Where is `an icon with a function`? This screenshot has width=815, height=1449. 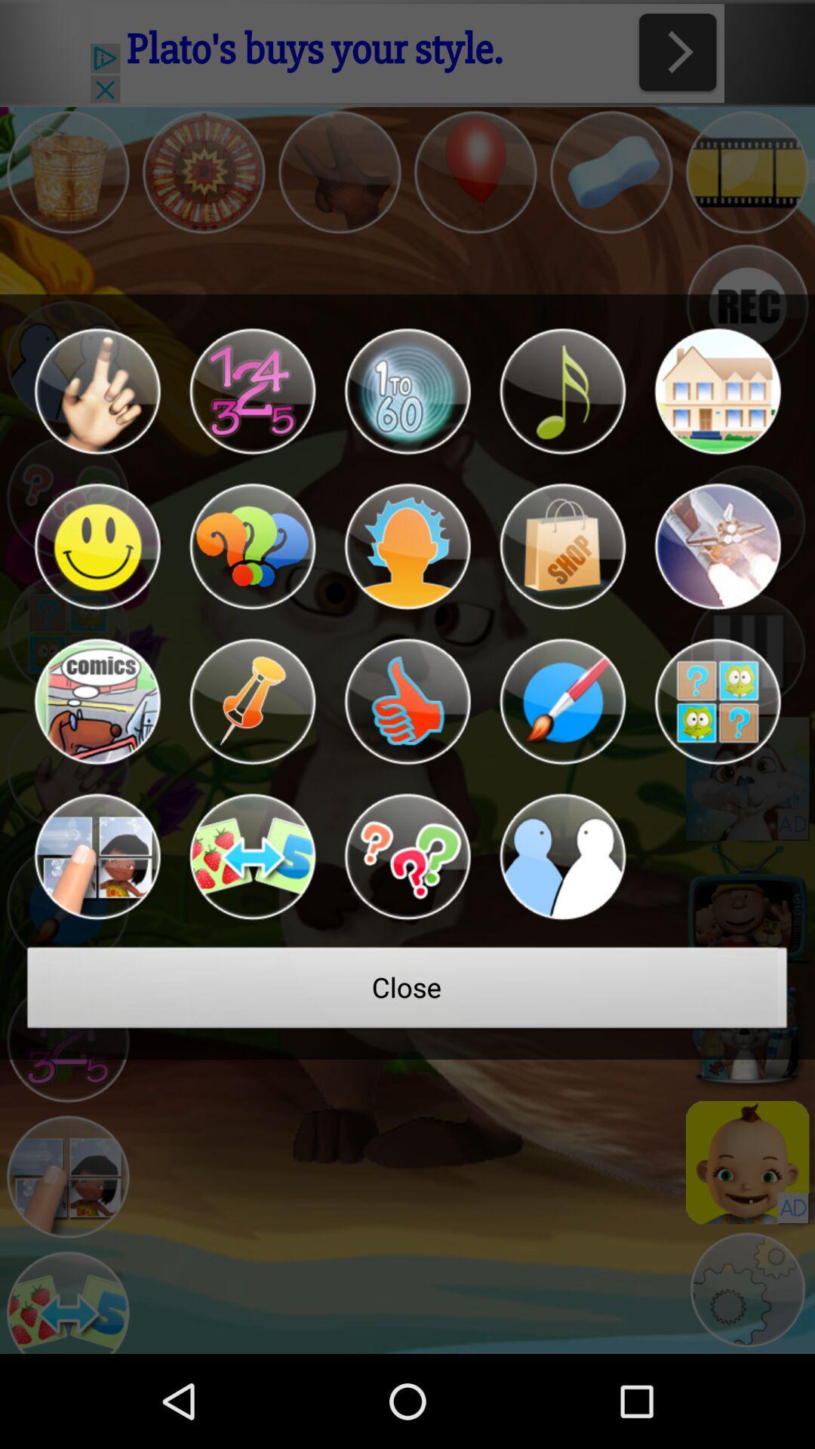
an icon with a function is located at coordinates (717, 391).